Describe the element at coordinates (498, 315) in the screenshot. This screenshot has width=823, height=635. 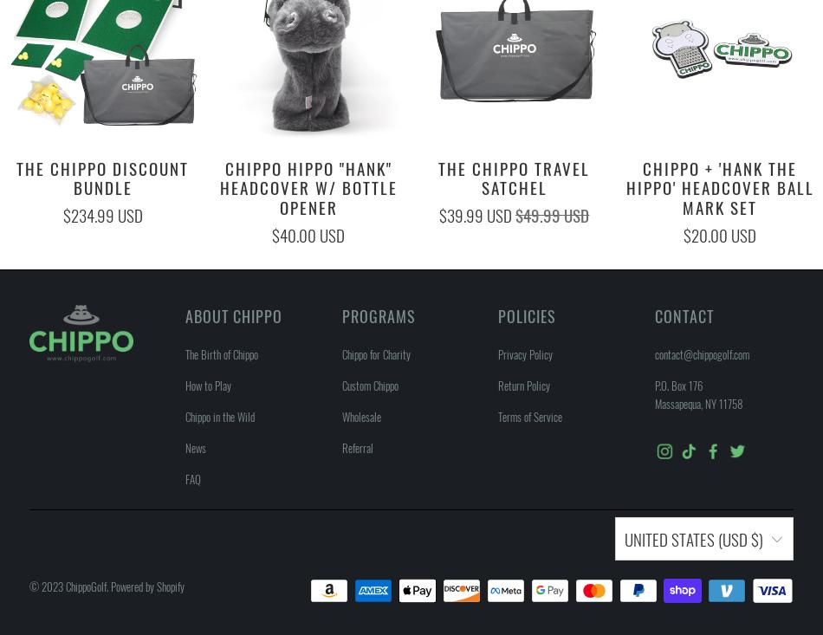
I see `'Policies'` at that location.